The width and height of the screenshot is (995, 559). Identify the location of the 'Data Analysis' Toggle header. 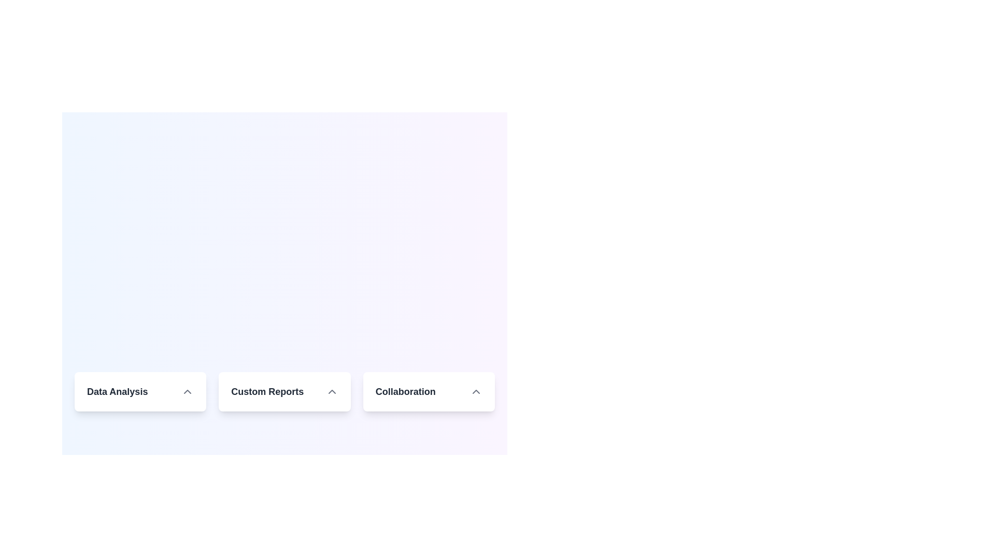
(140, 391).